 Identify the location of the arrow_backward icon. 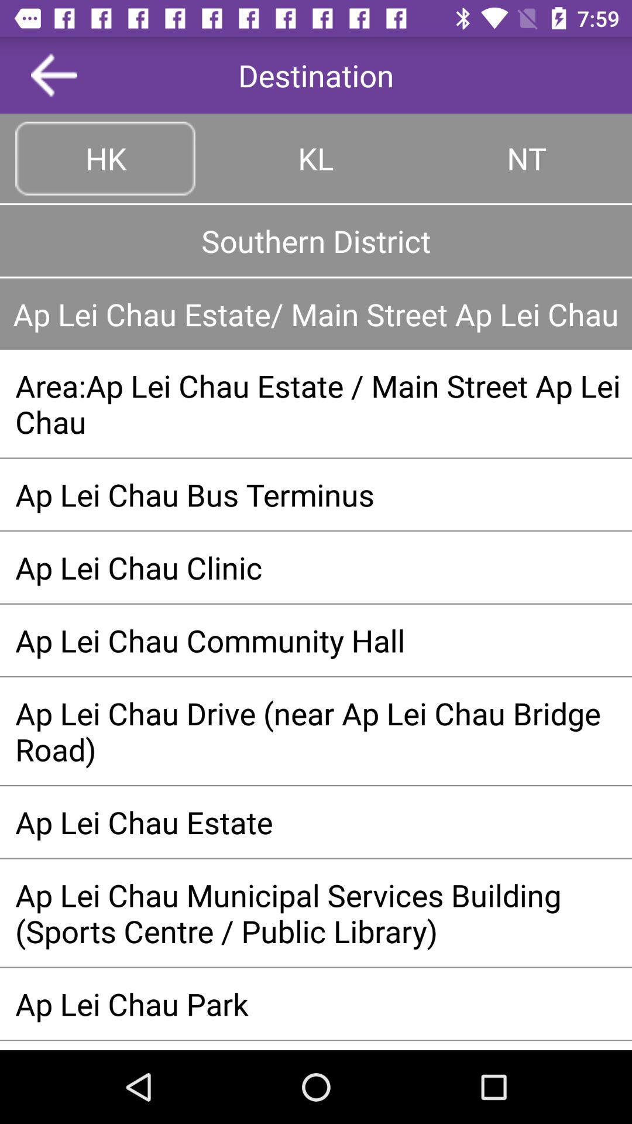
(54, 74).